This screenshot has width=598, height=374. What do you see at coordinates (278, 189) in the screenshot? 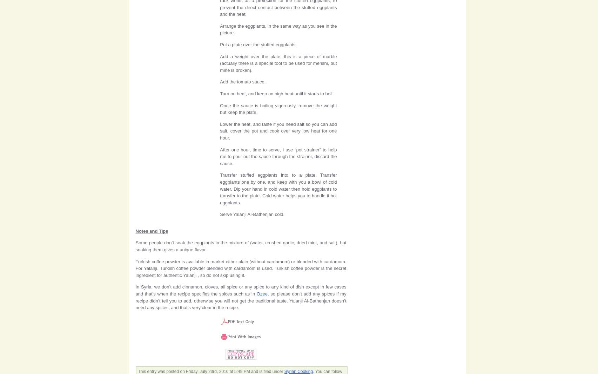
I see `'Transfer stuffed eggplants into to a plate. Transfer eggplants one by one, and keep with you a bowl of cold water. Dip your hand in cold water then hold eggplants to transfer to the plate. Cold water helps you to handle it hot eggplants.'` at bounding box center [278, 189].